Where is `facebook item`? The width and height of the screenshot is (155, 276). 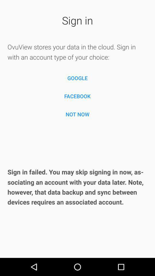 facebook item is located at coordinates (77, 96).